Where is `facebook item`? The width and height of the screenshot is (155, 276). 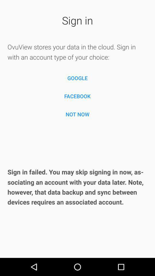 facebook item is located at coordinates (77, 96).